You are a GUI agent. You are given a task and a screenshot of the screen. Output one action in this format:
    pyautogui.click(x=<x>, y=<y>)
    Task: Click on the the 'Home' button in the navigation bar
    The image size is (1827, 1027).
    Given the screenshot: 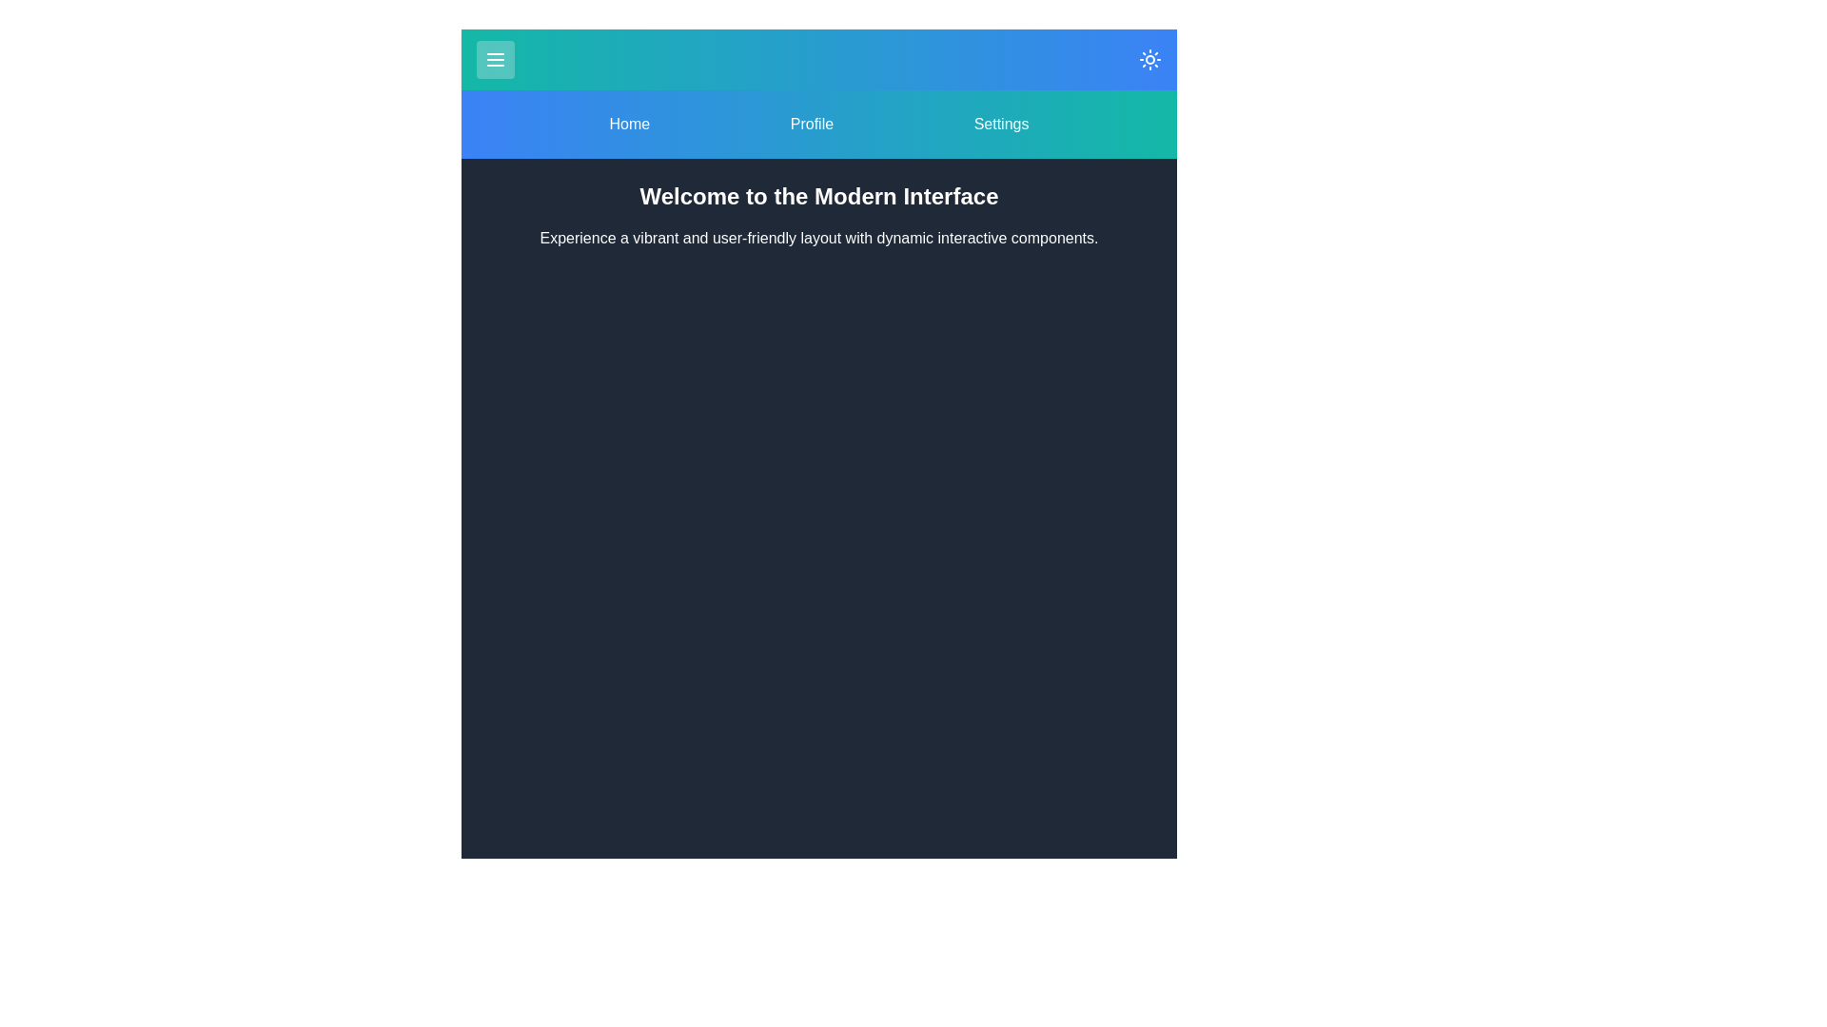 What is the action you would take?
    pyautogui.click(x=629, y=125)
    